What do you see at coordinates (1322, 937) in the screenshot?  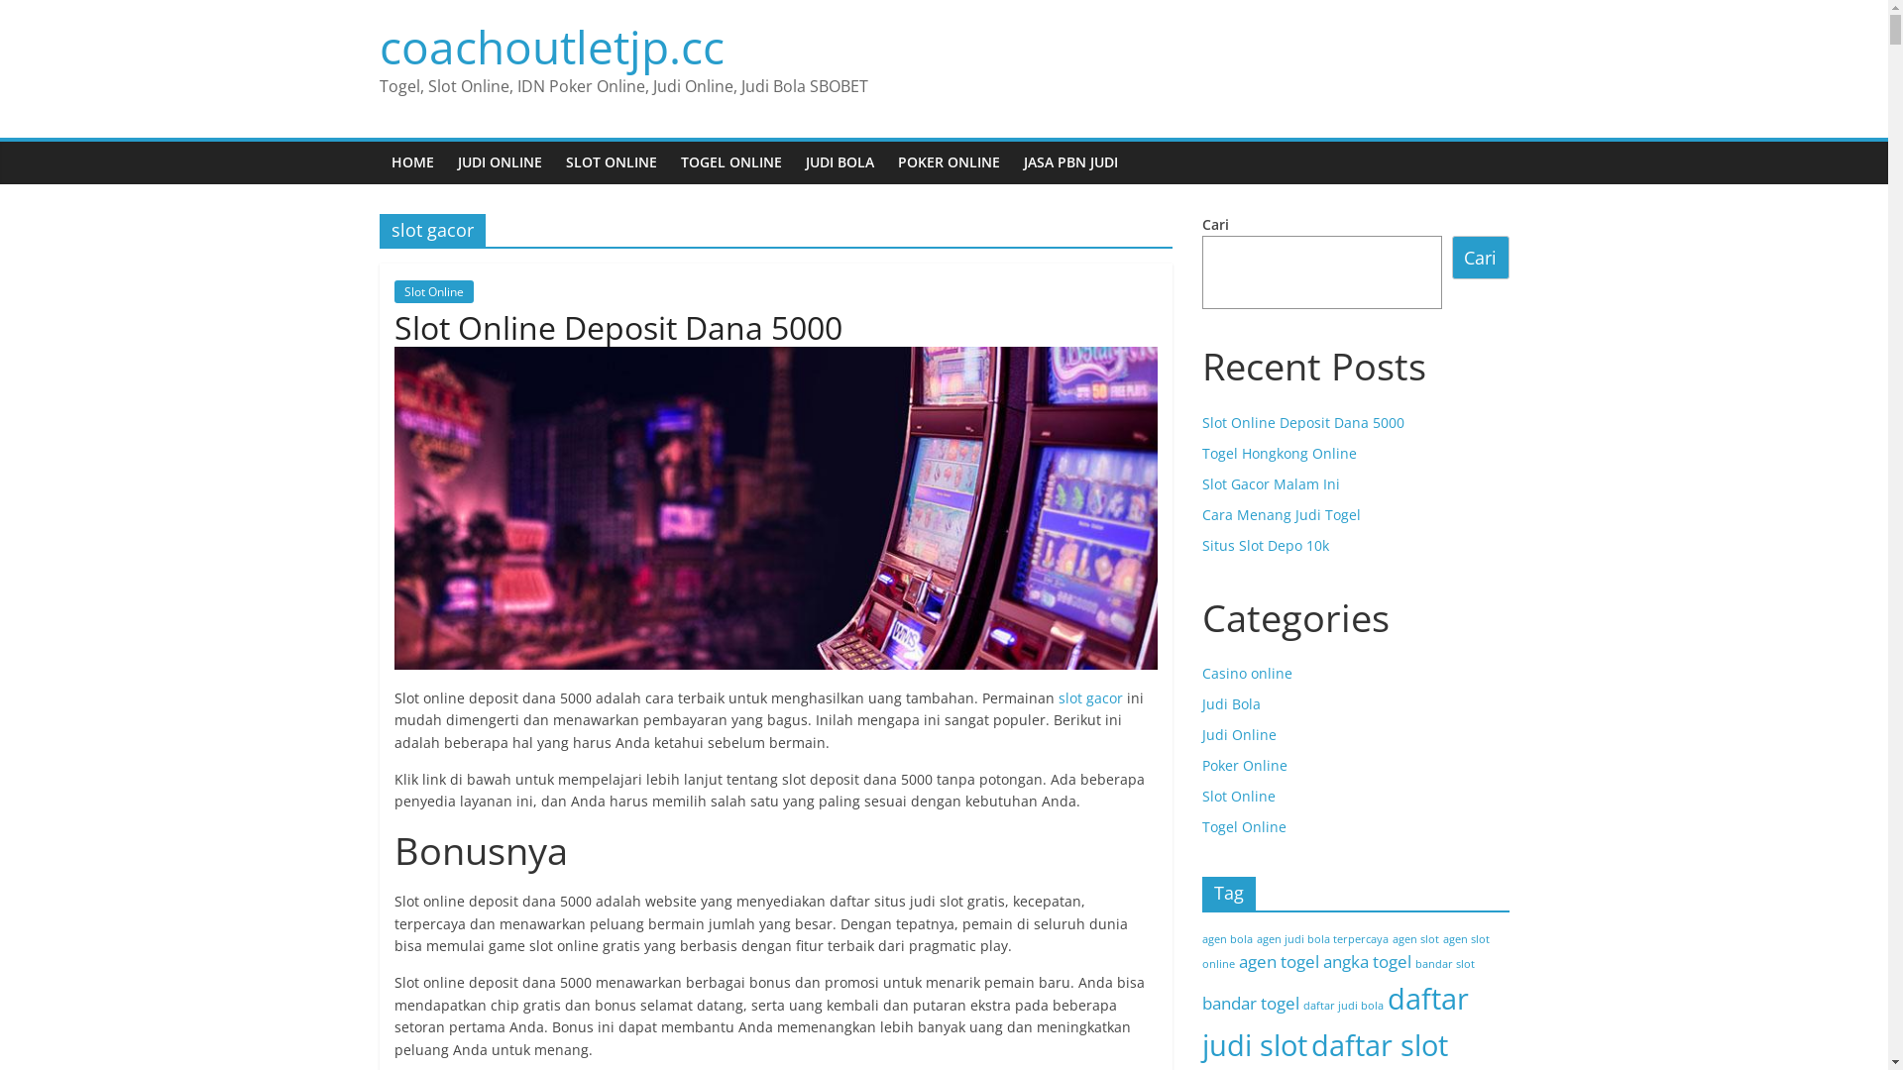 I see `'agen judi bola terpercaya'` at bounding box center [1322, 937].